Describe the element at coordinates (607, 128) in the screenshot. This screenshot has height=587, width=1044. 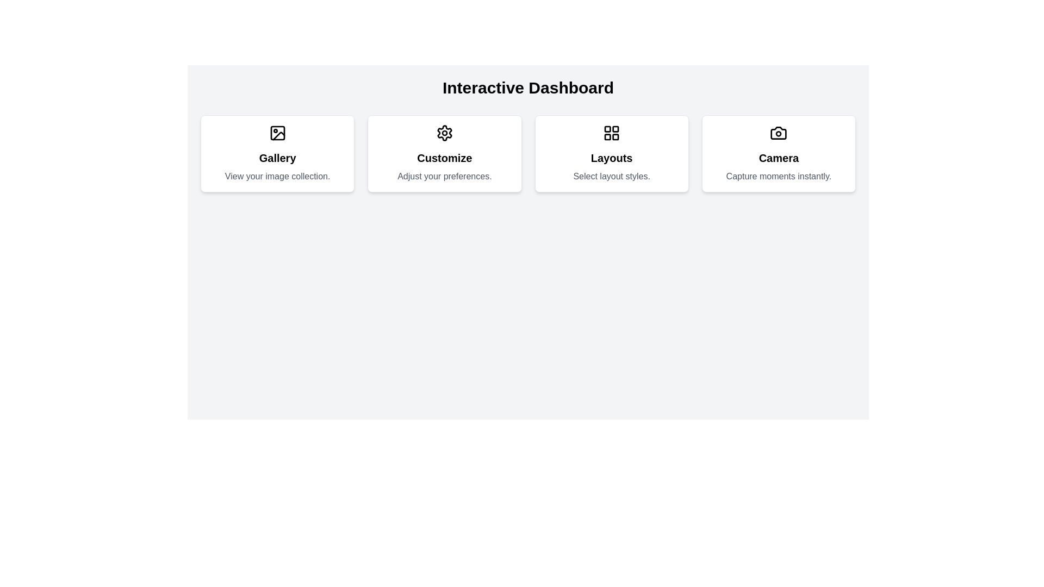
I see `the top-left rounded rectangle within the 'Layouts' button in the grid layout for layout customization` at that location.